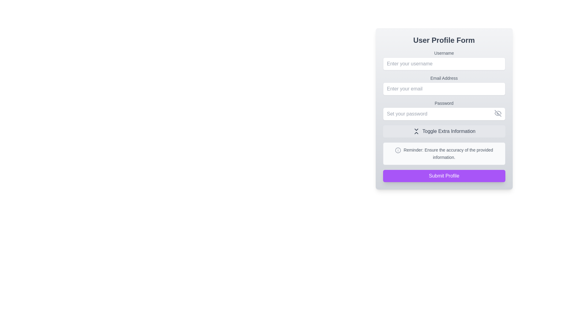  What do you see at coordinates (398, 150) in the screenshot?
I see `the SVG Circle element, which is a circular outline in light gray color located in the middle of an informational reminder box in the user profile form` at bounding box center [398, 150].